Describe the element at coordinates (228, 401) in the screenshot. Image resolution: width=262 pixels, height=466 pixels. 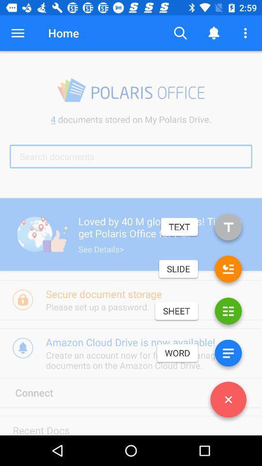
I see `icon to the right of the connect item` at that location.